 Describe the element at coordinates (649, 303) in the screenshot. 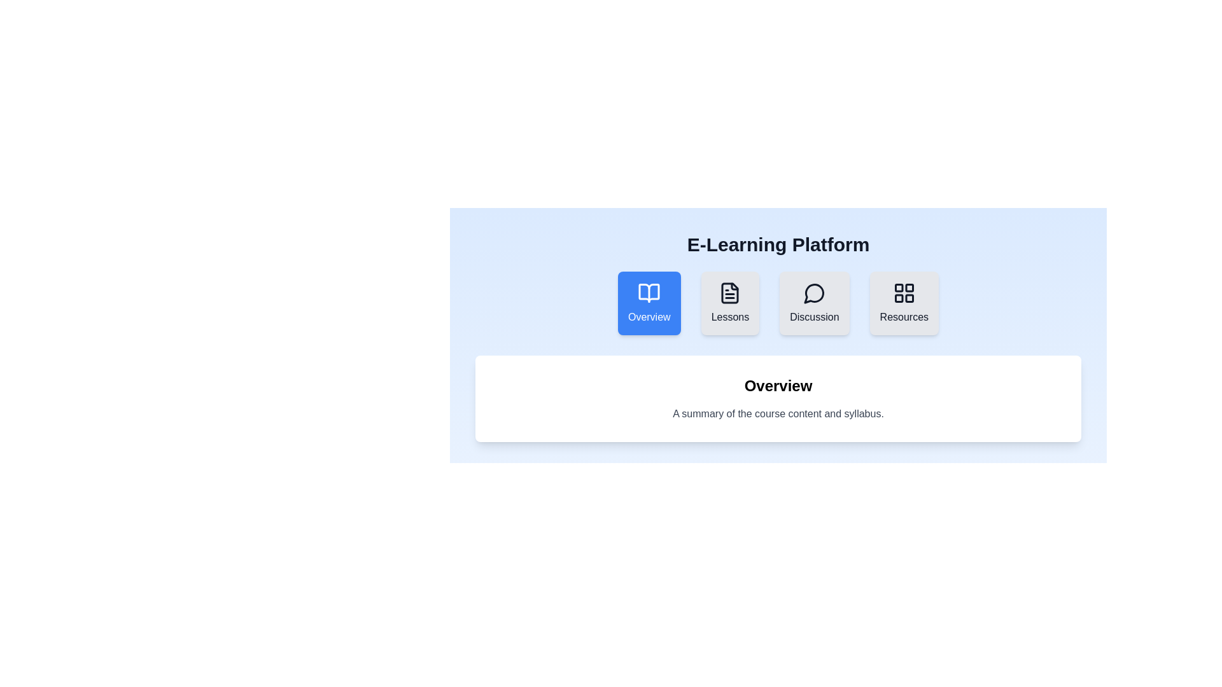

I see `the Overview tab to switch to its content` at that location.